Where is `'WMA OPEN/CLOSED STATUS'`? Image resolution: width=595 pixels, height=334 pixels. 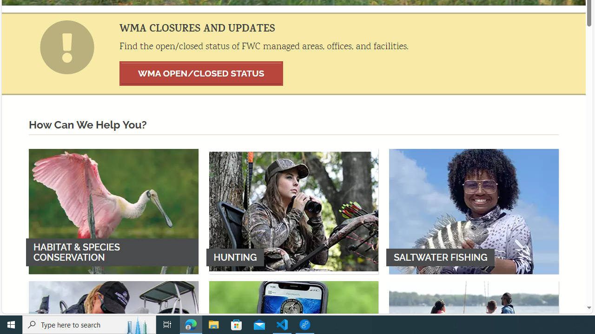 'WMA OPEN/CLOSED STATUS' is located at coordinates (201, 73).